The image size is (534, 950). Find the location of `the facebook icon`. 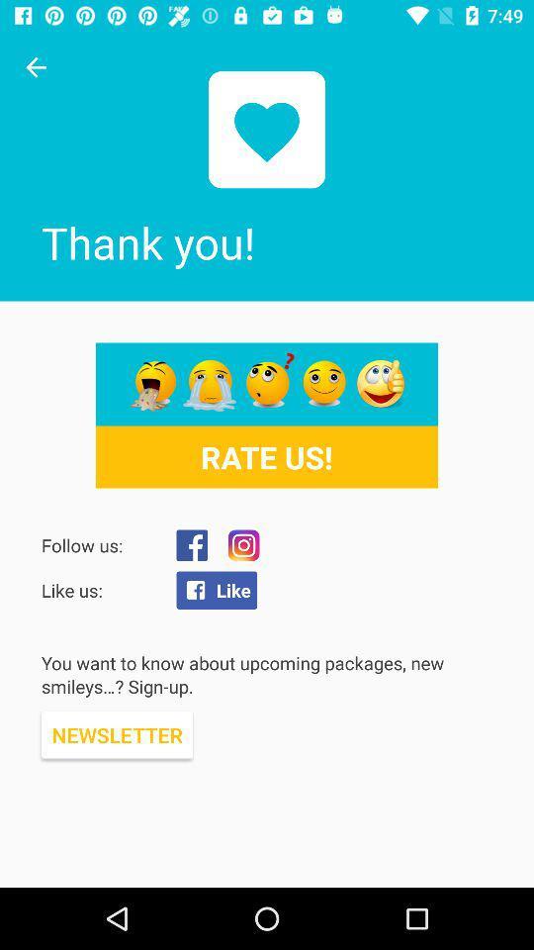

the facebook icon is located at coordinates (192, 545).